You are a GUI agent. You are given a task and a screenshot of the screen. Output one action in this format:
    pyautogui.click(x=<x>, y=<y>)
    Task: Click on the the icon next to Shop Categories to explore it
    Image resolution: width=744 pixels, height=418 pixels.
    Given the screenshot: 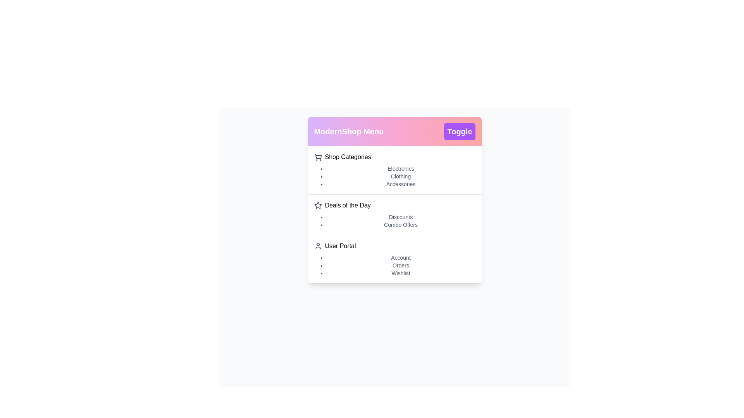 What is the action you would take?
    pyautogui.click(x=318, y=157)
    